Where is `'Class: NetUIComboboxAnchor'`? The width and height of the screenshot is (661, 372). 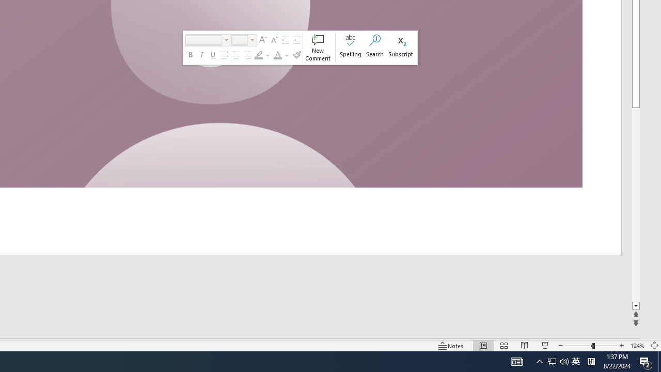
'Class: NetUIComboboxAnchor' is located at coordinates (243, 40).